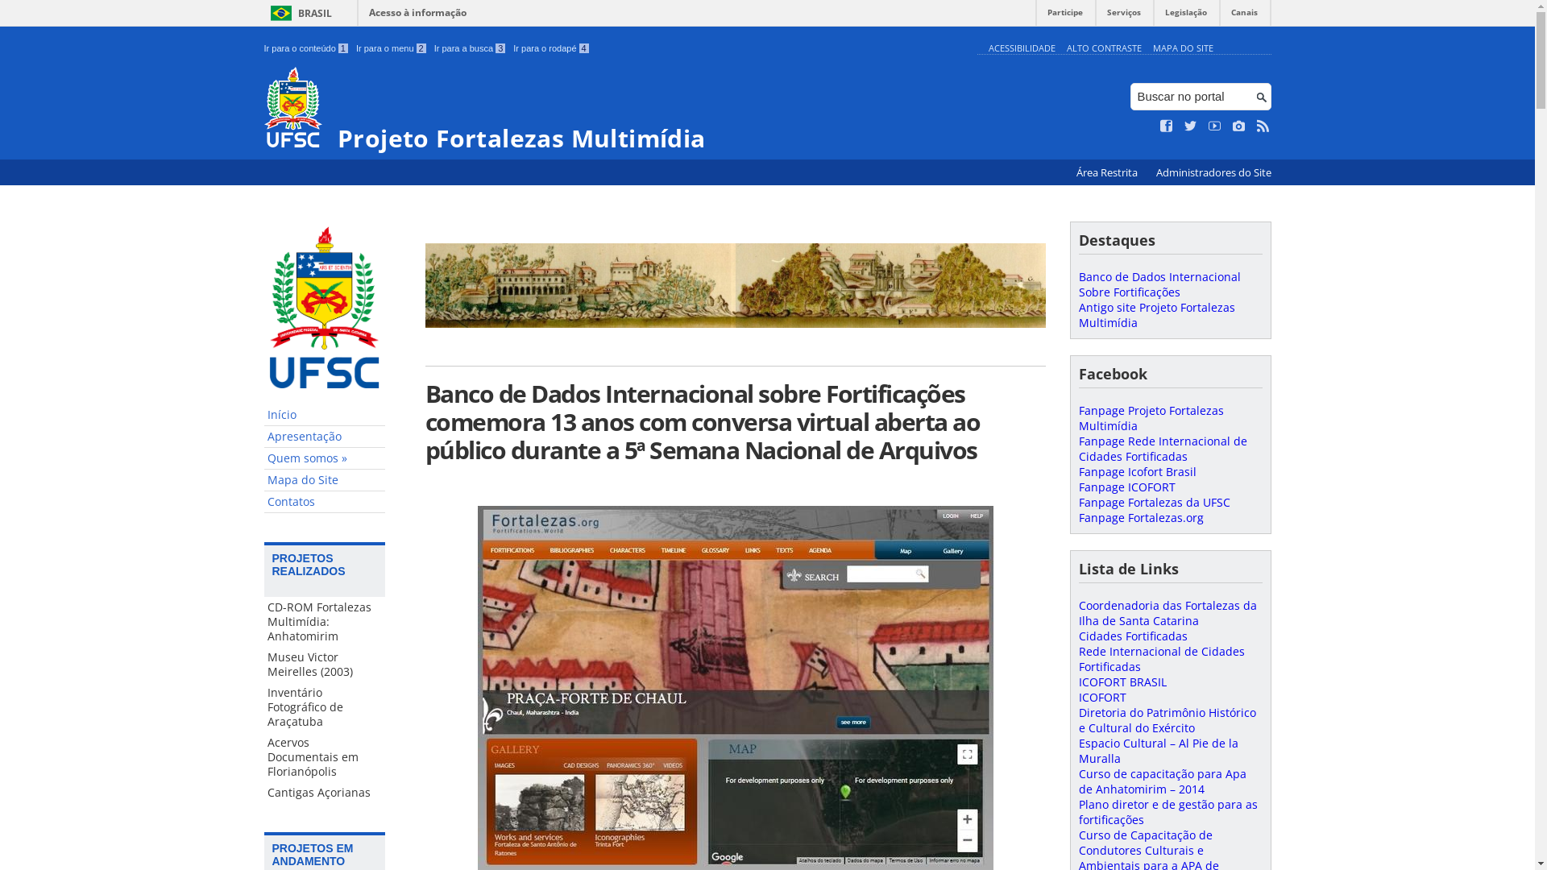 The height and width of the screenshot is (870, 1547). I want to click on 'ALTO CONTRASTE', so click(1103, 47).